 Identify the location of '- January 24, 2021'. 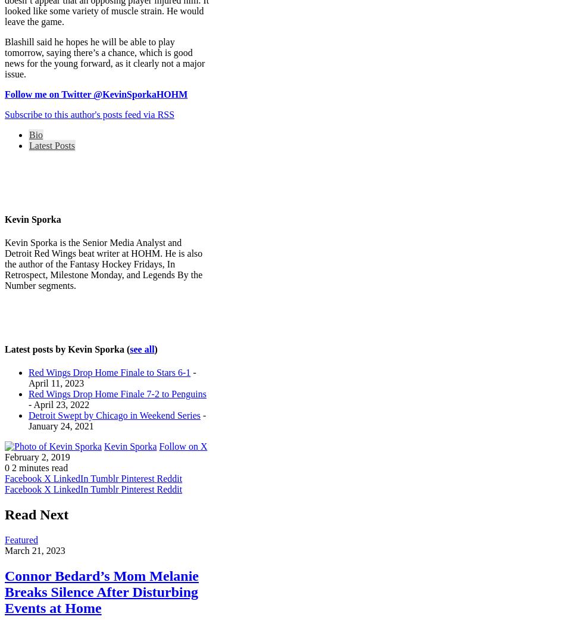
(117, 421).